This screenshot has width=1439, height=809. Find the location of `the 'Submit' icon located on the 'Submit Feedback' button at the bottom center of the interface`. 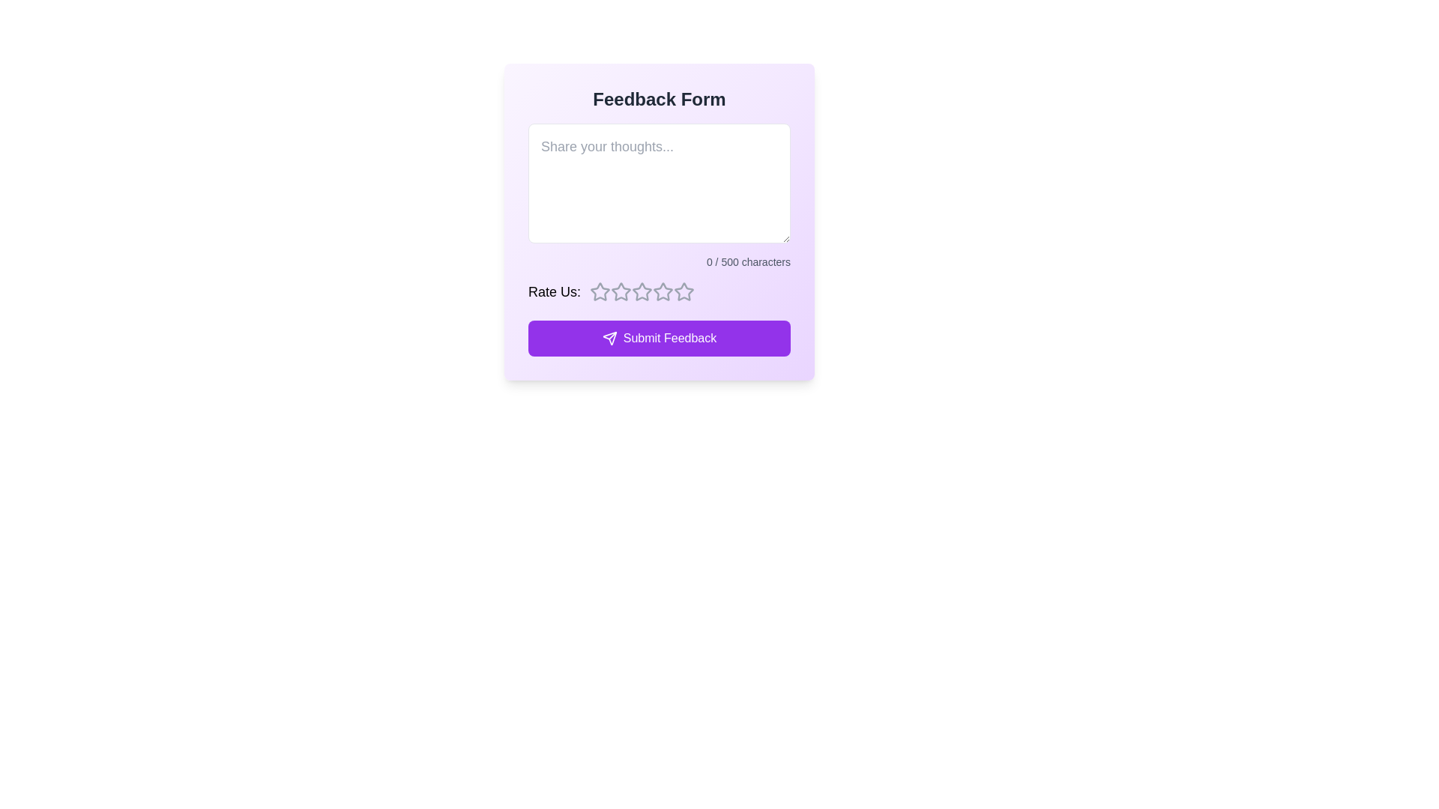

the 'Submit' icon located on the 'Submit Feedback' button at the bottom center of the interface is located at coordinates (609, 338).